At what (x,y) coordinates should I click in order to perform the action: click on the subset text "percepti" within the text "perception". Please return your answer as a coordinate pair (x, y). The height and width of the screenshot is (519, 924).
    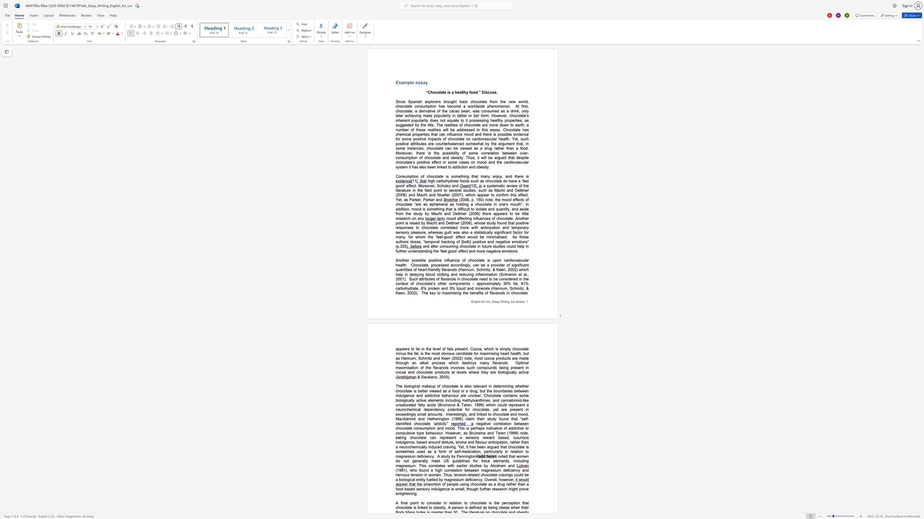
    Looking at the image, I should click on (502, 503).